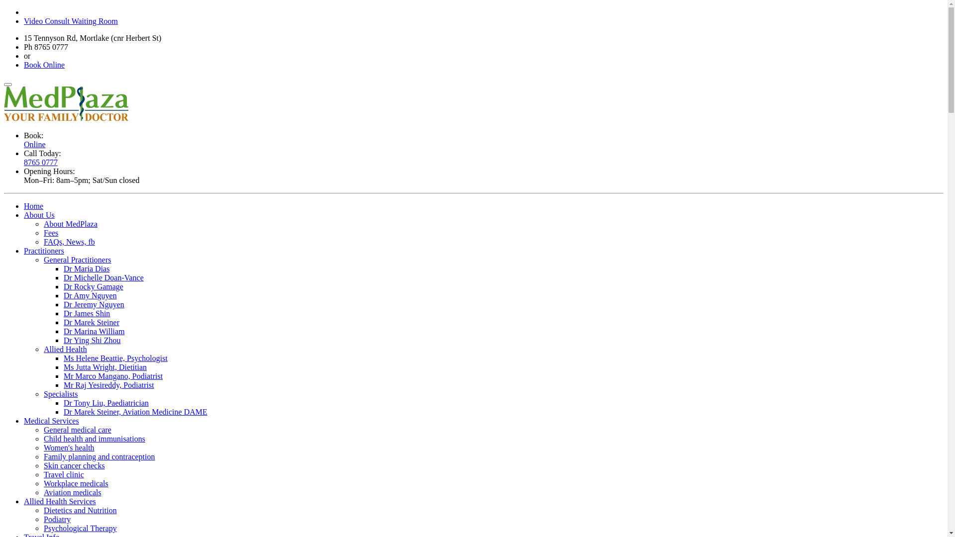 This screenshot has height=537, width=955. I want to click on 'Online', so click(24, 144).